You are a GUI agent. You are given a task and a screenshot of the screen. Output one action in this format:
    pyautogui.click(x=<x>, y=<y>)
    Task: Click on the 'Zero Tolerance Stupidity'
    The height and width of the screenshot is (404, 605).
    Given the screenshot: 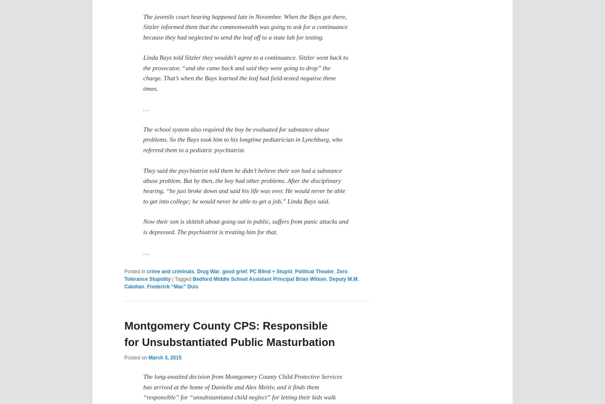 What is the action you would take?
    pyautogui.click(x=236, y=275)
    